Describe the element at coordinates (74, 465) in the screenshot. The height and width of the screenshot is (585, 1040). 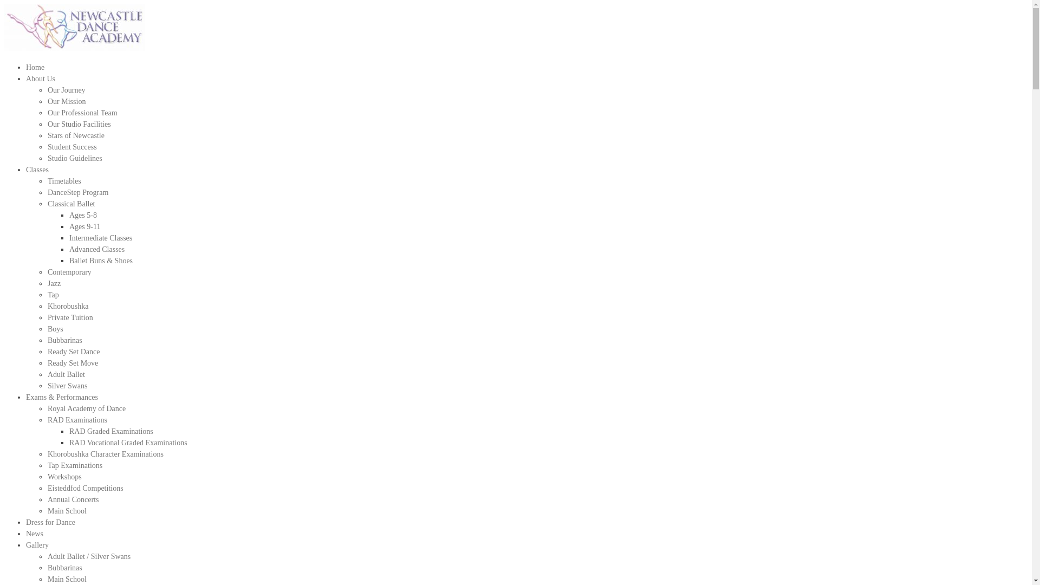
I see `'Tap Examinations'` at that location.